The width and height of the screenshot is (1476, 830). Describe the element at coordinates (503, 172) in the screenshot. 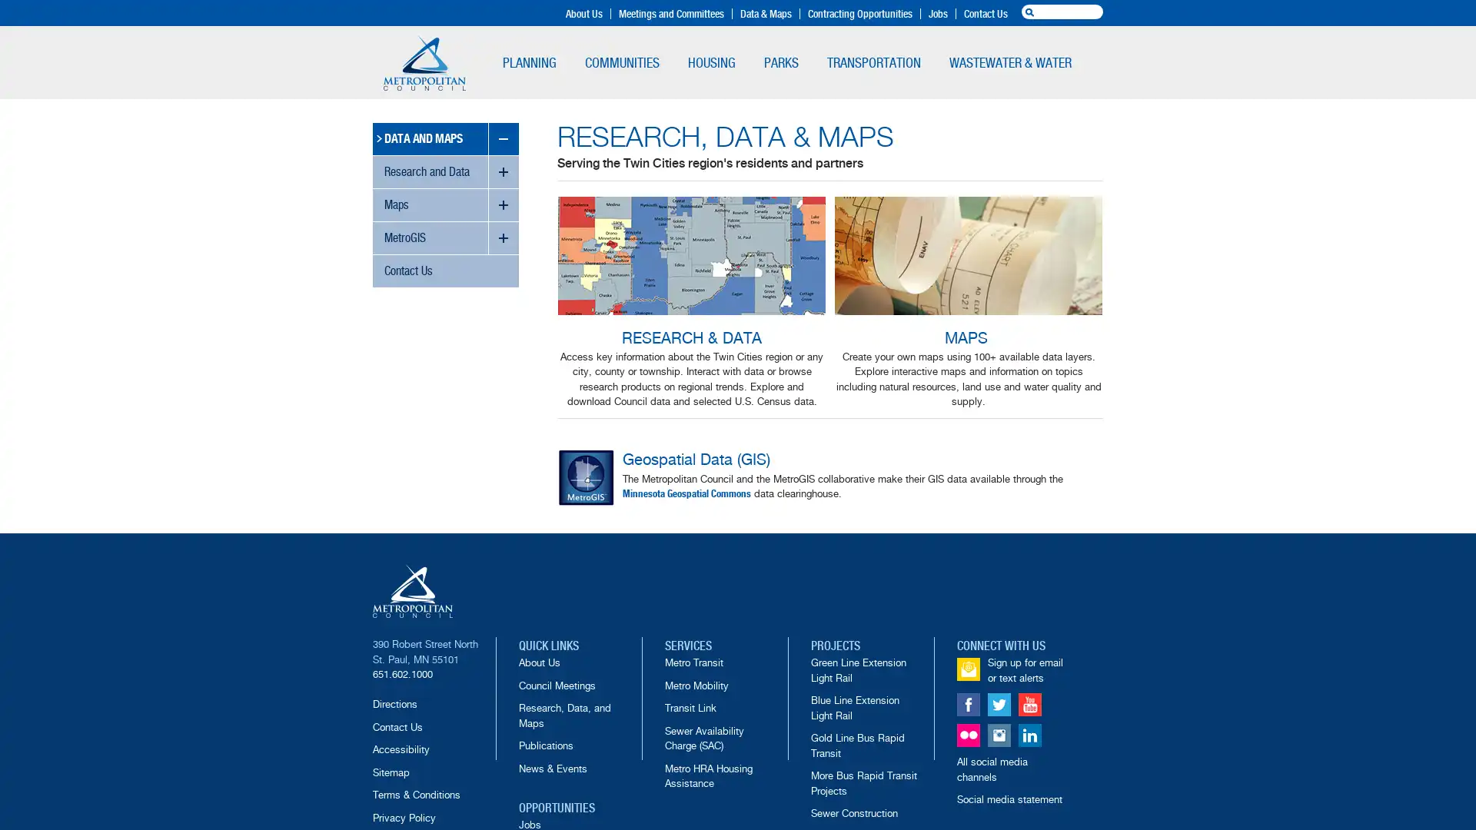

I see `toggle sub-menus for Research and Data` at that location.